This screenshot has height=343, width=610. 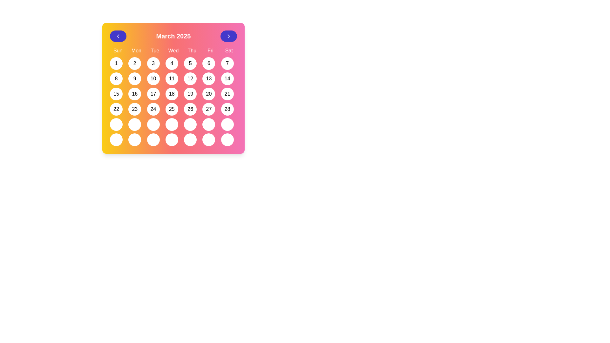 I want to click on the right-facing chevron arrow icon within the blue navigation button located at the top right corner of the interface, so click(x=229, y=36).